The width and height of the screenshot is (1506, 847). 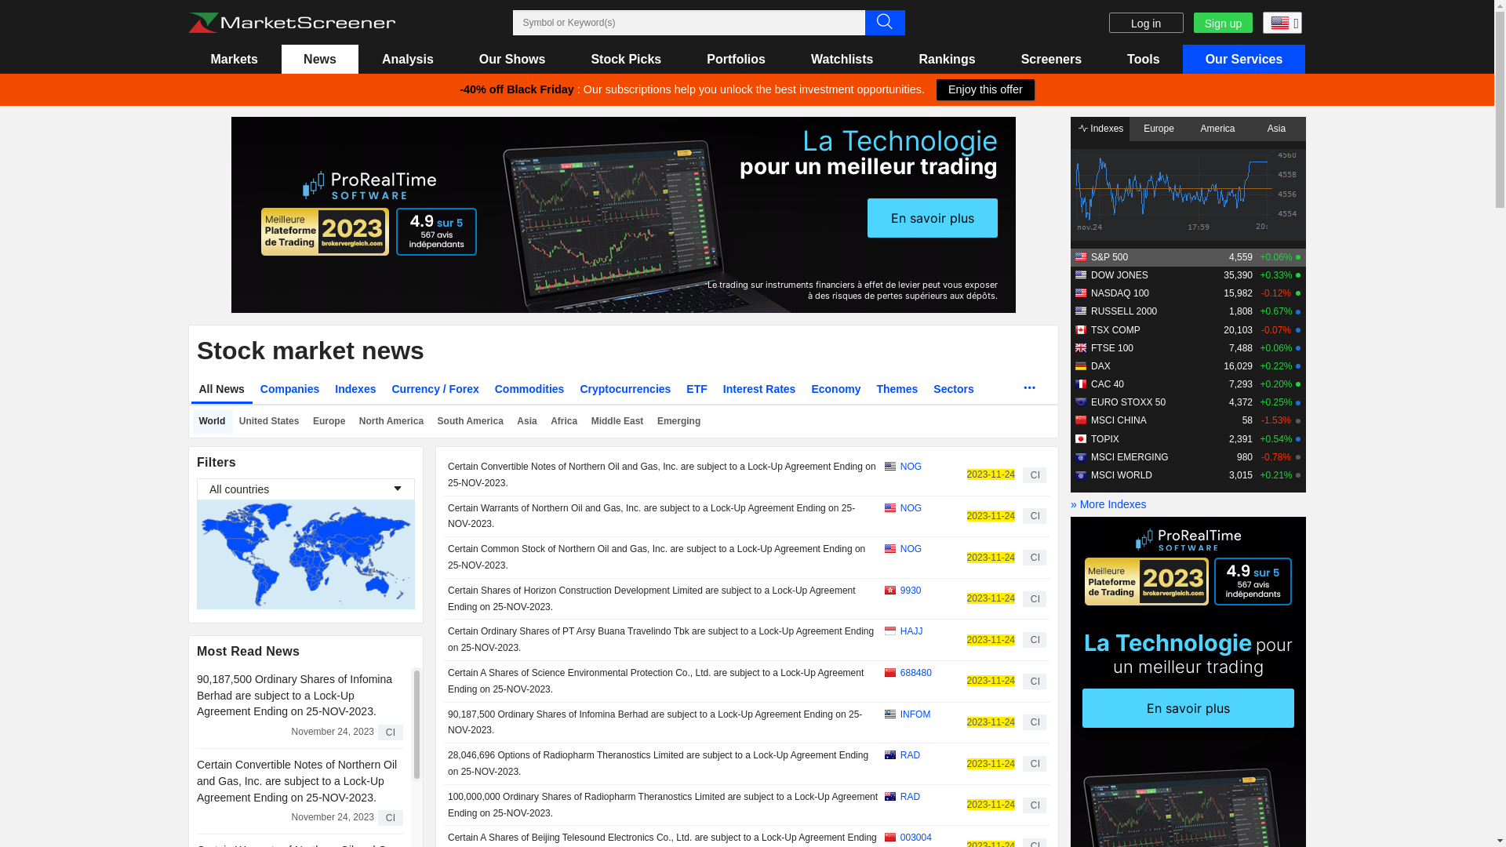 What do you see at coordinates (759, 388) in the screenshot?
I see `'Interest Rates'` at bounding box center [759, 388].